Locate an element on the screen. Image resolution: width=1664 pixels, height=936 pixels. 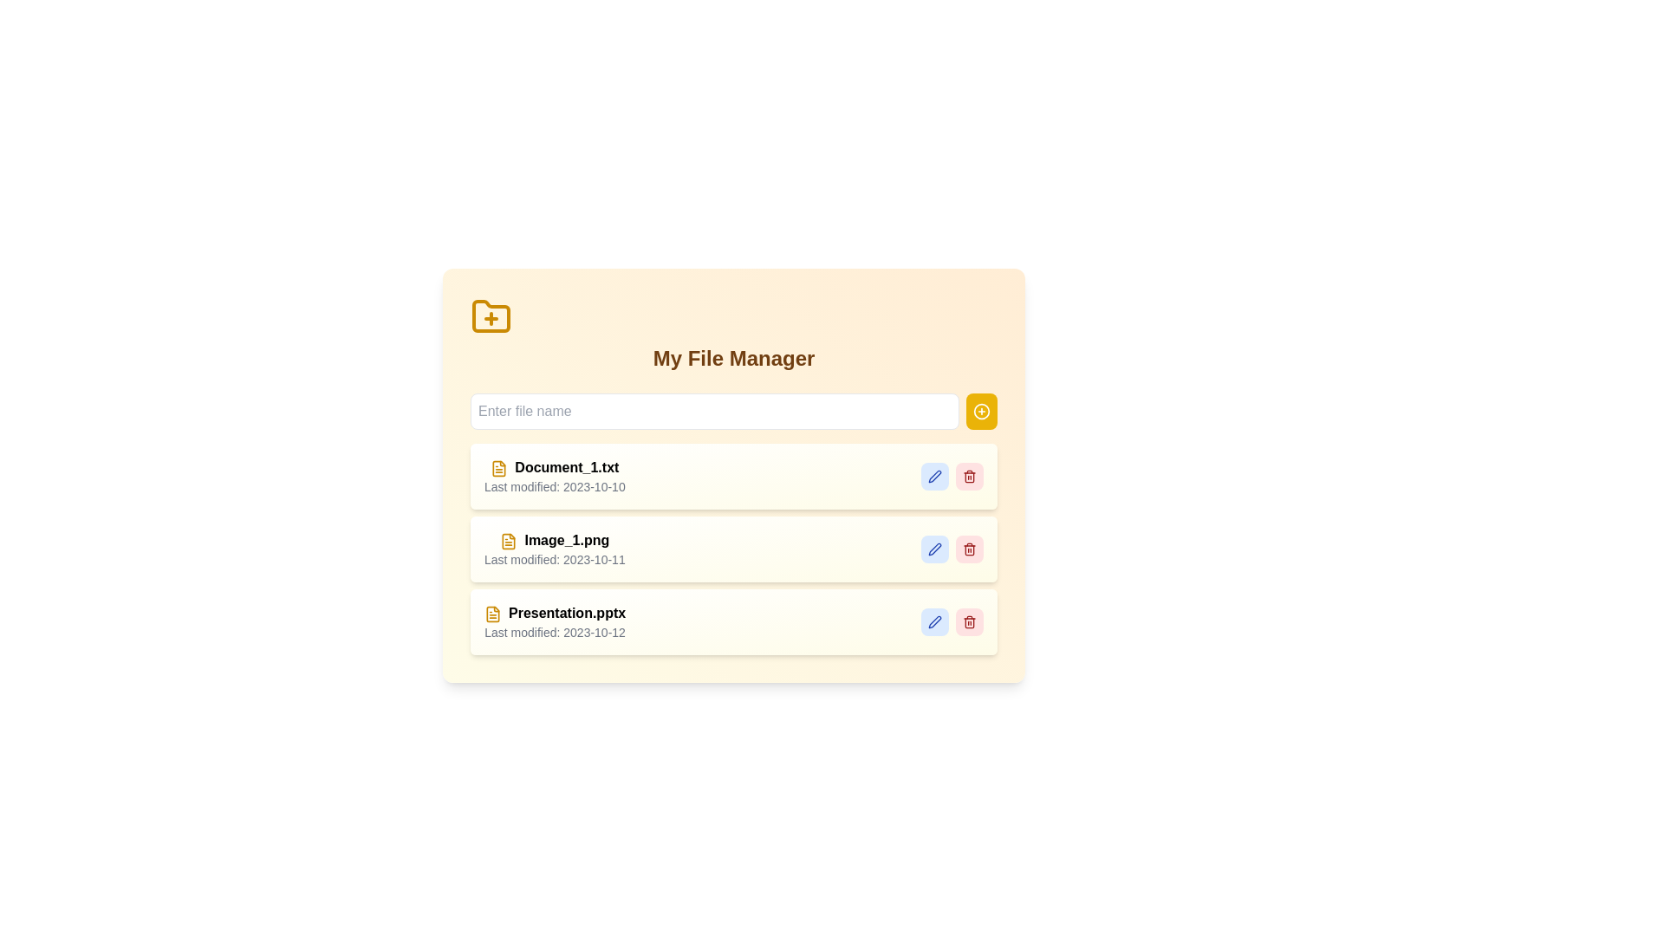
the rounded yellow button with a plus sign icon is located at coordinates (981, 411).